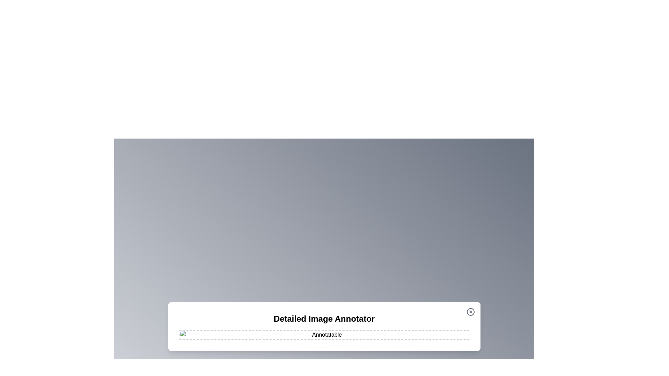  Describe the element at coordinates (398, 334) in the screenshot. I see `the image at coordinates (1144, 962) to add an annotation` at that location.